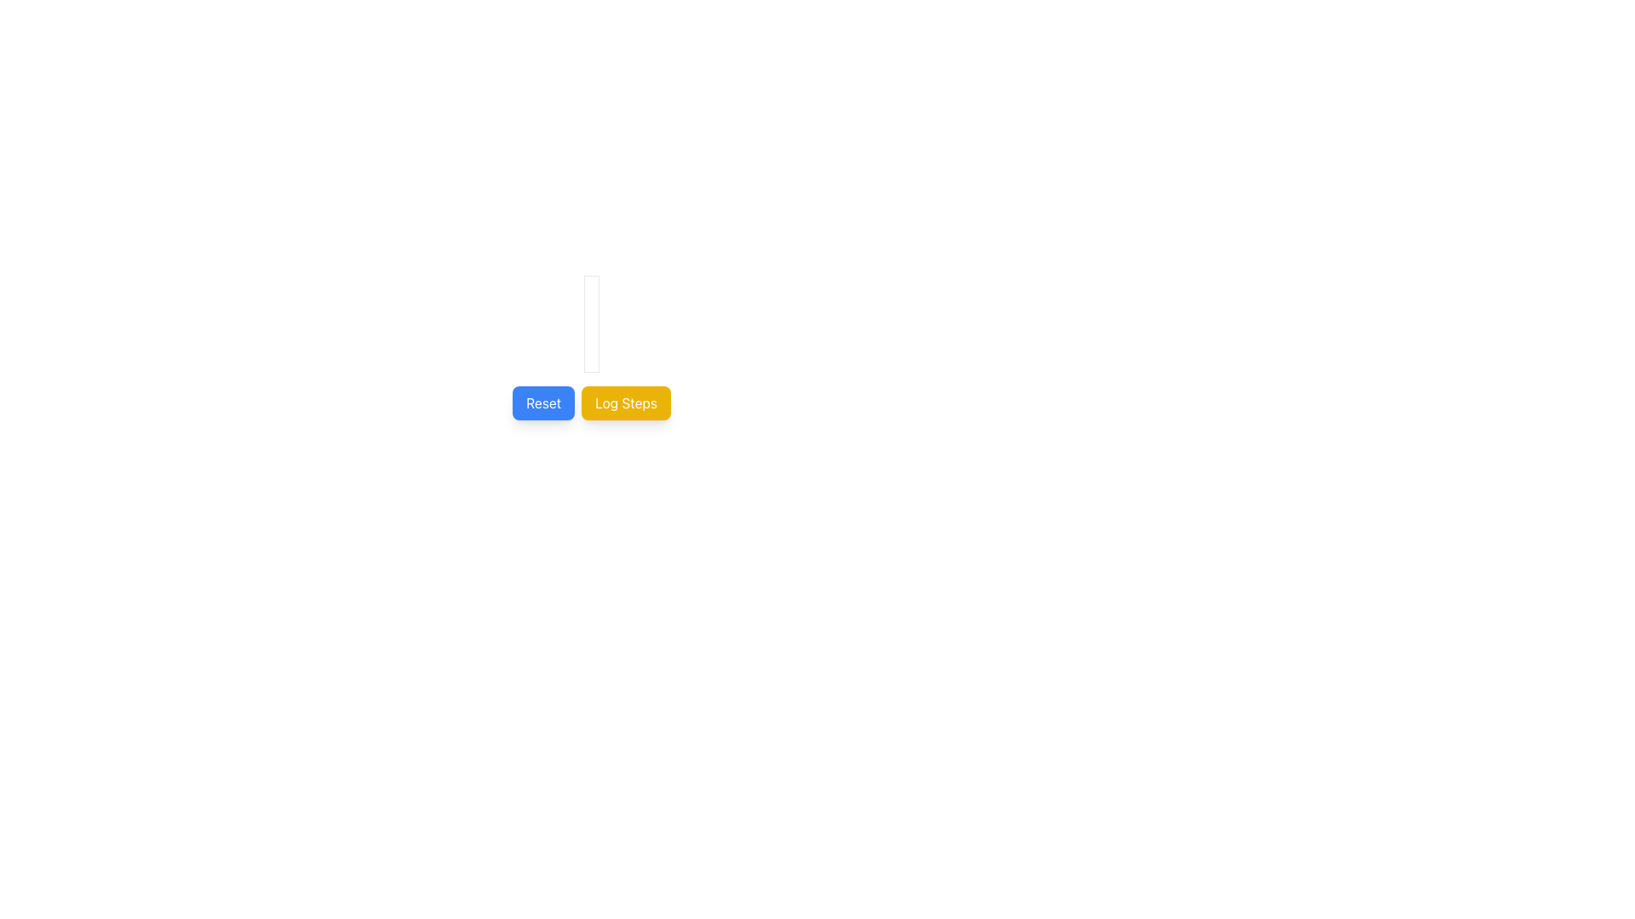 The width and height of the screenshot is (1635, 919). What do you see at coordinates (542, 403) in the screenshot?
I see `the reset button that allows users to reset a form or data to observe the style change` at bounding box center [542, 403].